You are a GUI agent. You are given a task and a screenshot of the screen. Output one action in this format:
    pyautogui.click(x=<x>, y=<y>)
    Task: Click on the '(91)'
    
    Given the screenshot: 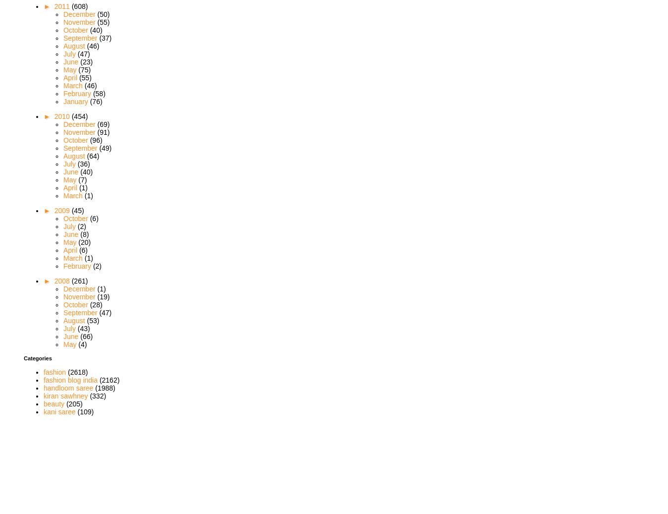 What is the action you would take?
    pyautogui.click(x=103, y=131)
    